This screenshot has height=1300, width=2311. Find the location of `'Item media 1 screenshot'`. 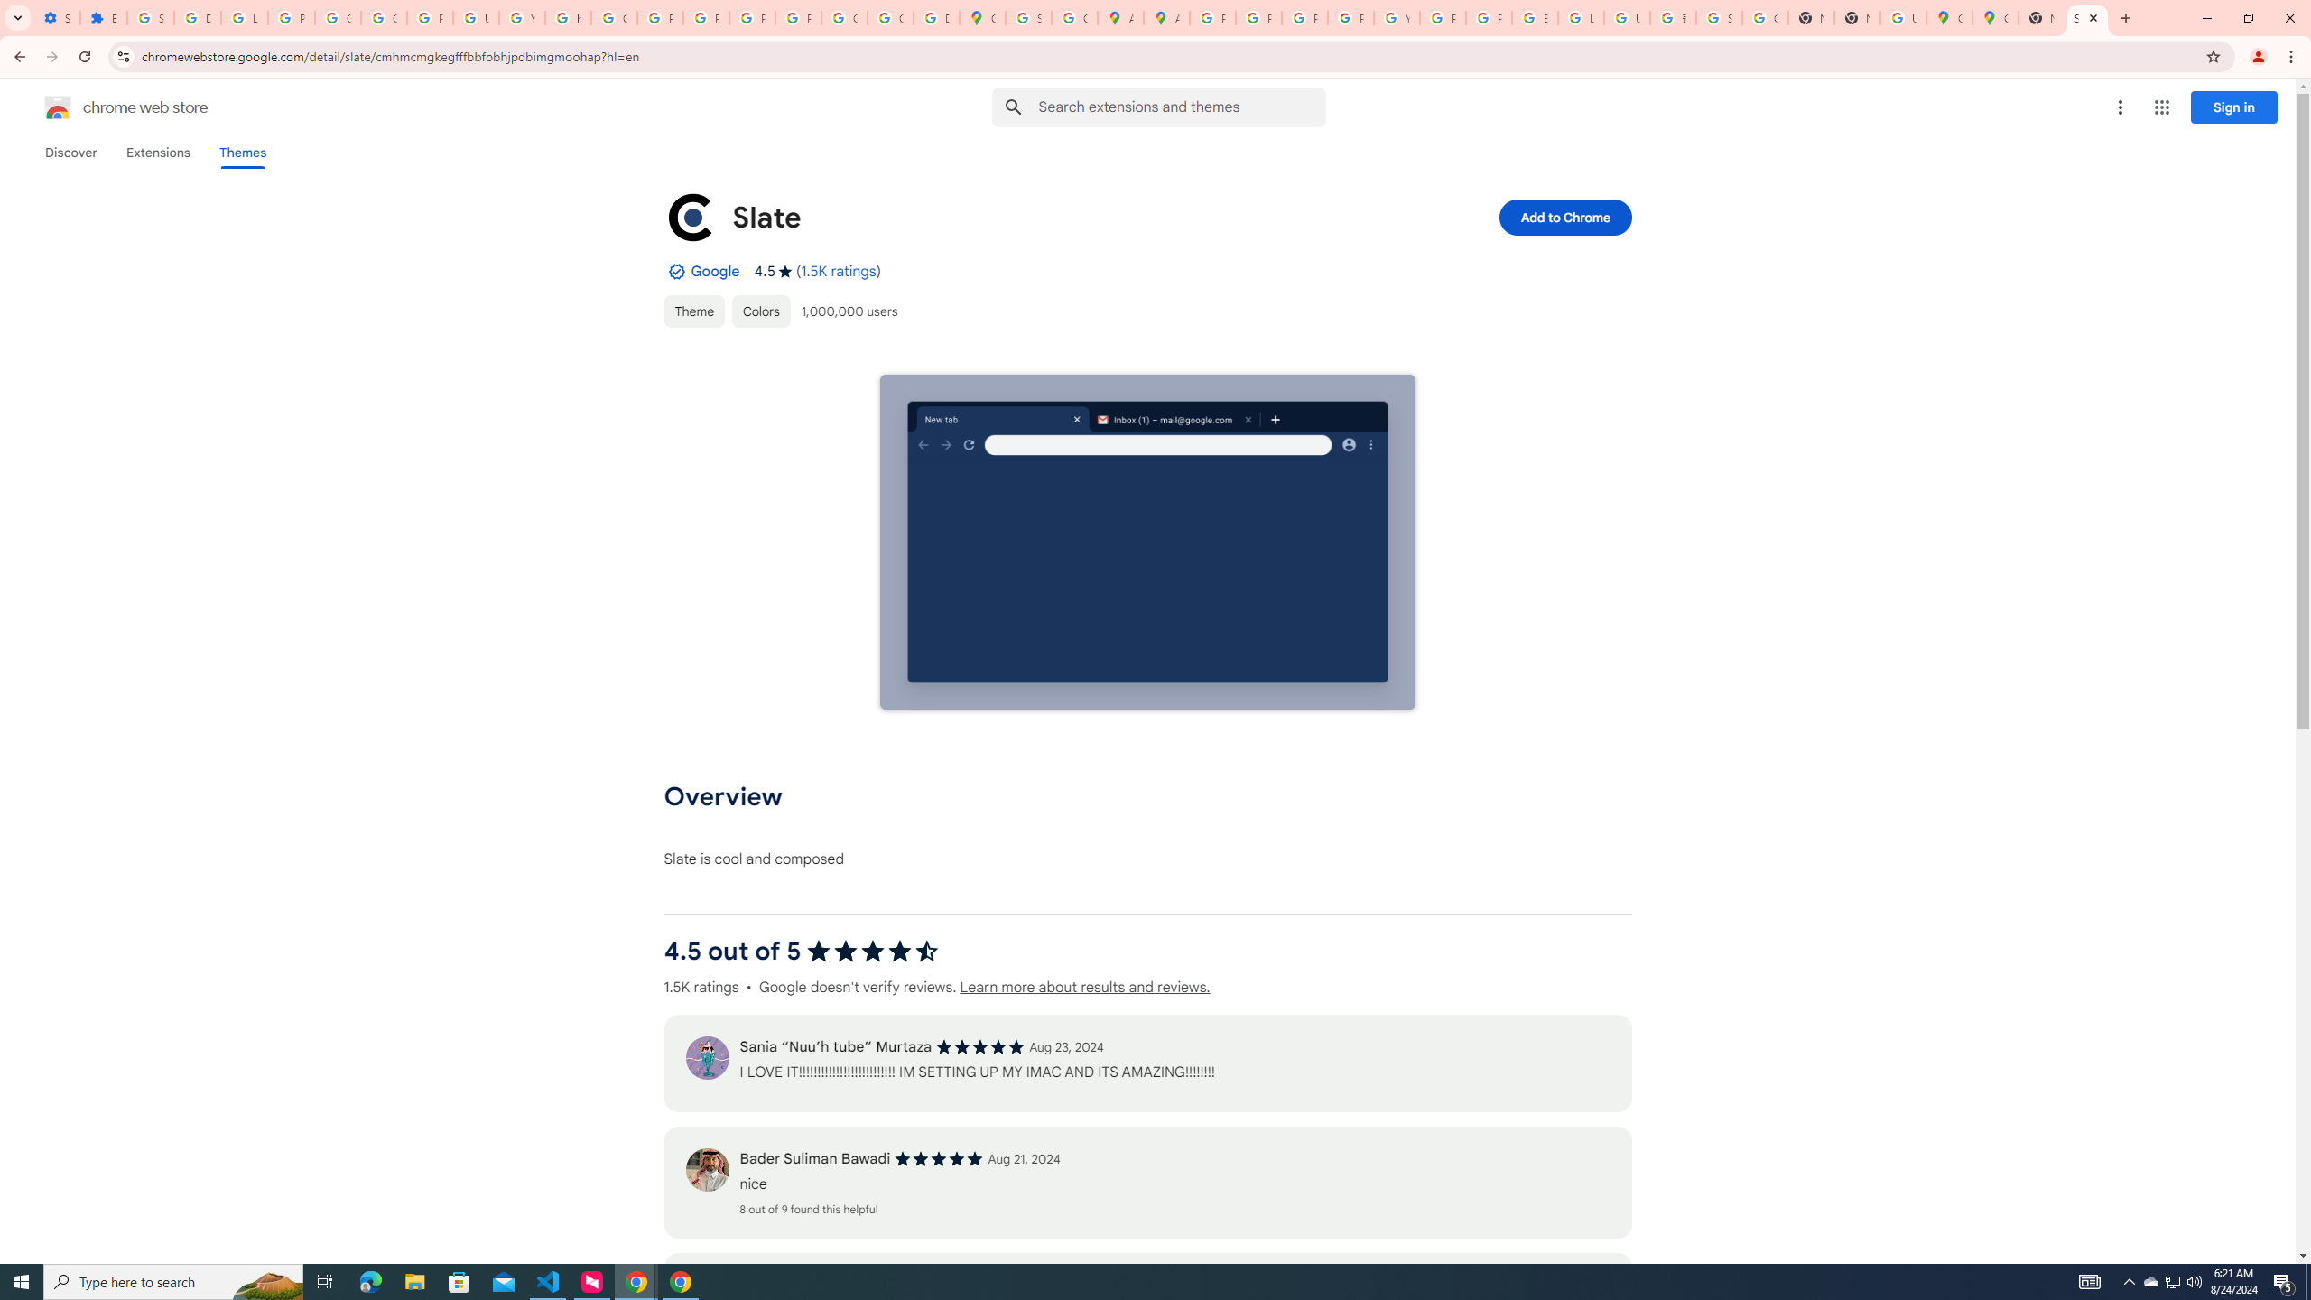

'Item media 1 screenshot' is located at coordinates (1147, 543).